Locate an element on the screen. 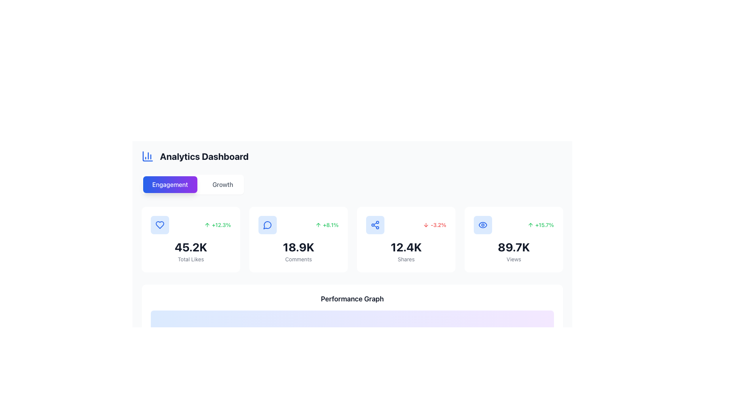 The width and height of the screenshot is (733, 412). the Text and Icon Label indicating the percentage growth value for 'Total Likes', which is located in the top-right area of the metrics section and features an upward arrow icon is located at coordinates (217, 225).